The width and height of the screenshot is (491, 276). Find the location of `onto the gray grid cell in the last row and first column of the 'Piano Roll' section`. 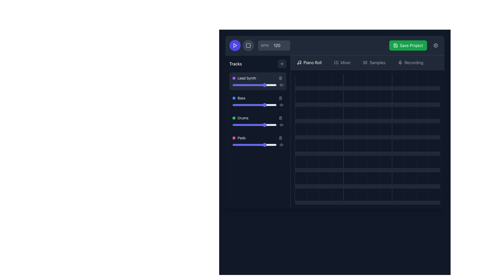

onto the gray grid cell in the last row and first column of the 'Piano Roll' section is located at coordinates (301, 178).